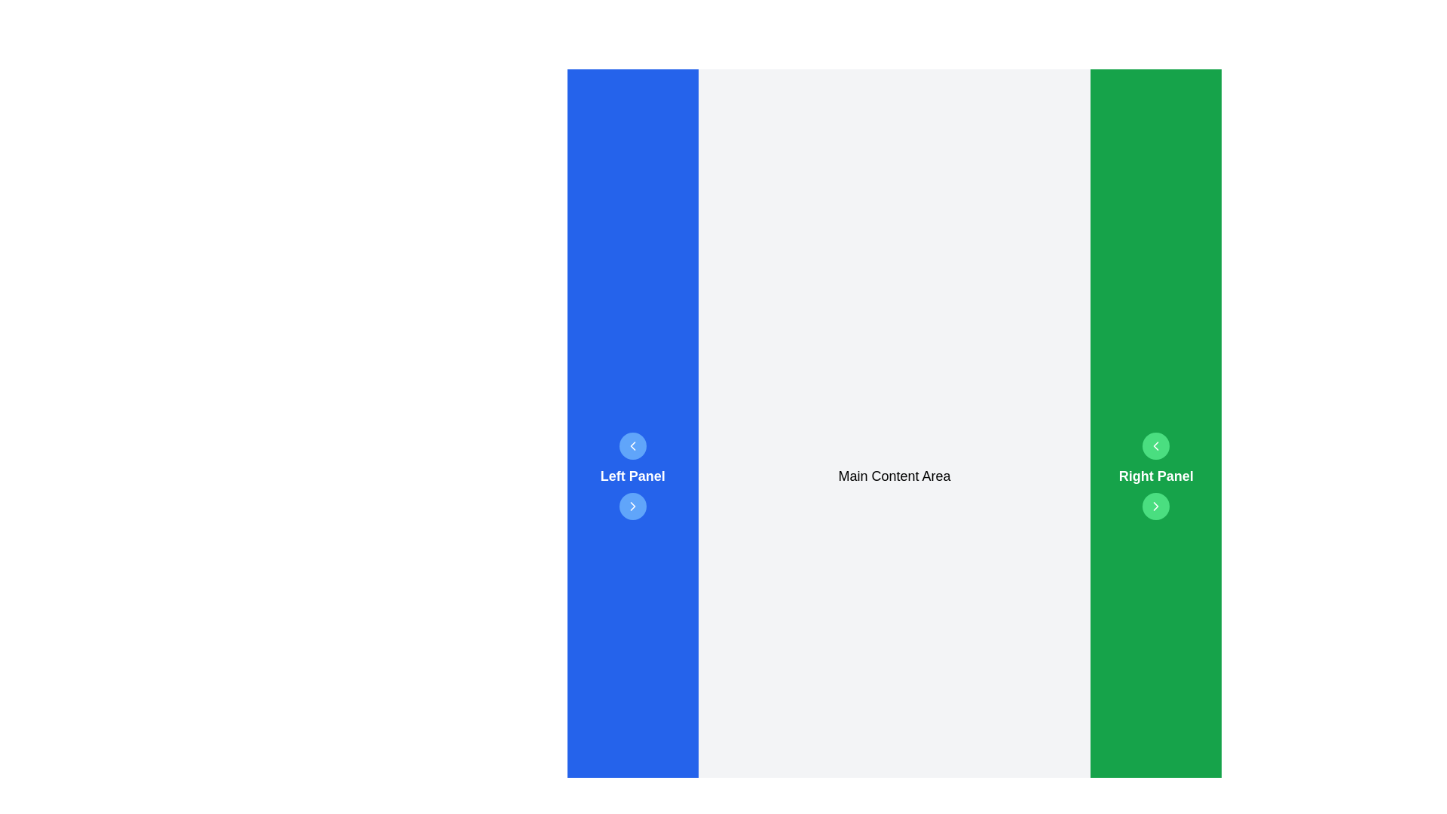 The width and height of the screenshot is (1447, 814). I want to click on the navigation button with a rightward chevron located in the left-side panel, beneath the leftward-pointing chevron button, so click(632, 506).